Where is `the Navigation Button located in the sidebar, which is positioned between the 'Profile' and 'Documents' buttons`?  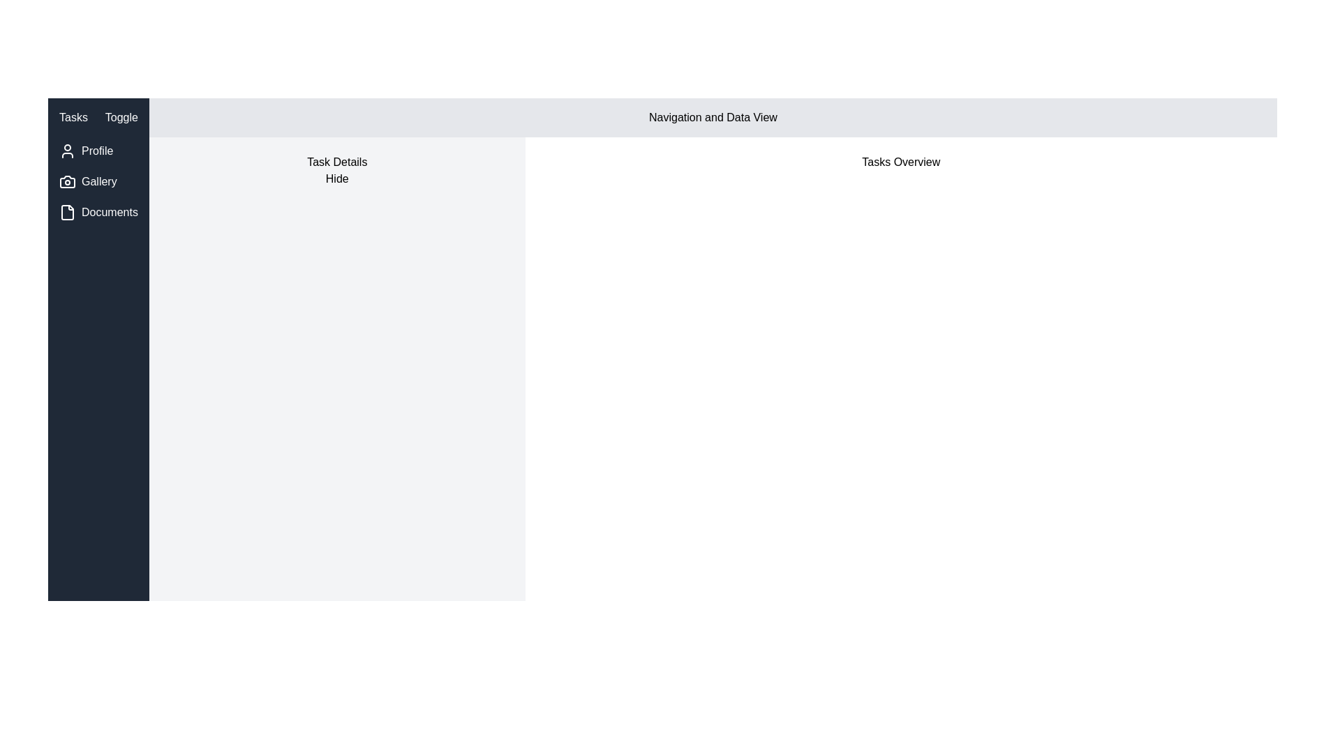 the Navigation Button located in the sidebar, which is positioned between the 'Profile' and 'Documents' buttons is located at coordinates (98, 181).